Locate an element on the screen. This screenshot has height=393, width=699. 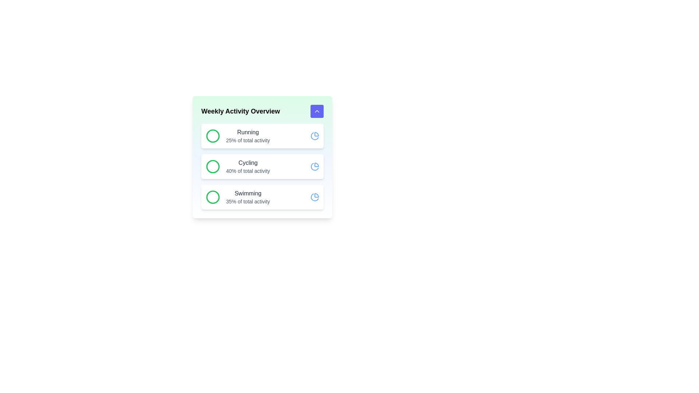
the informational card titled 'Swimming' that displays a green circle icon on the left, bold dark text 'Swimming' in the middle, and a blue pie chart icon on the right is located at coordinates (262, 197).